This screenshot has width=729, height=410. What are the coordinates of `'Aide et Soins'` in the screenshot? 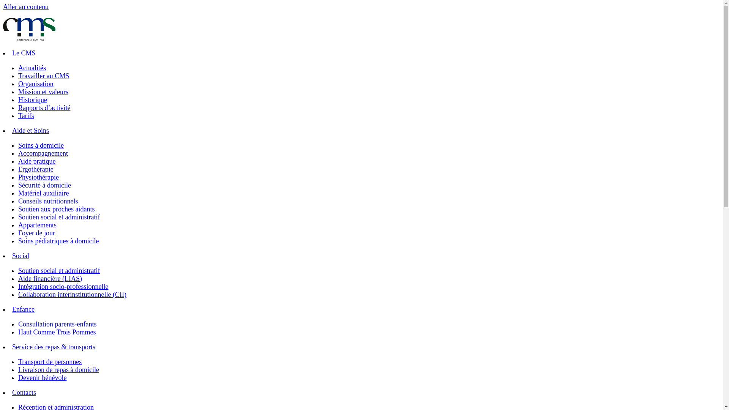 It's located at (30, 130).